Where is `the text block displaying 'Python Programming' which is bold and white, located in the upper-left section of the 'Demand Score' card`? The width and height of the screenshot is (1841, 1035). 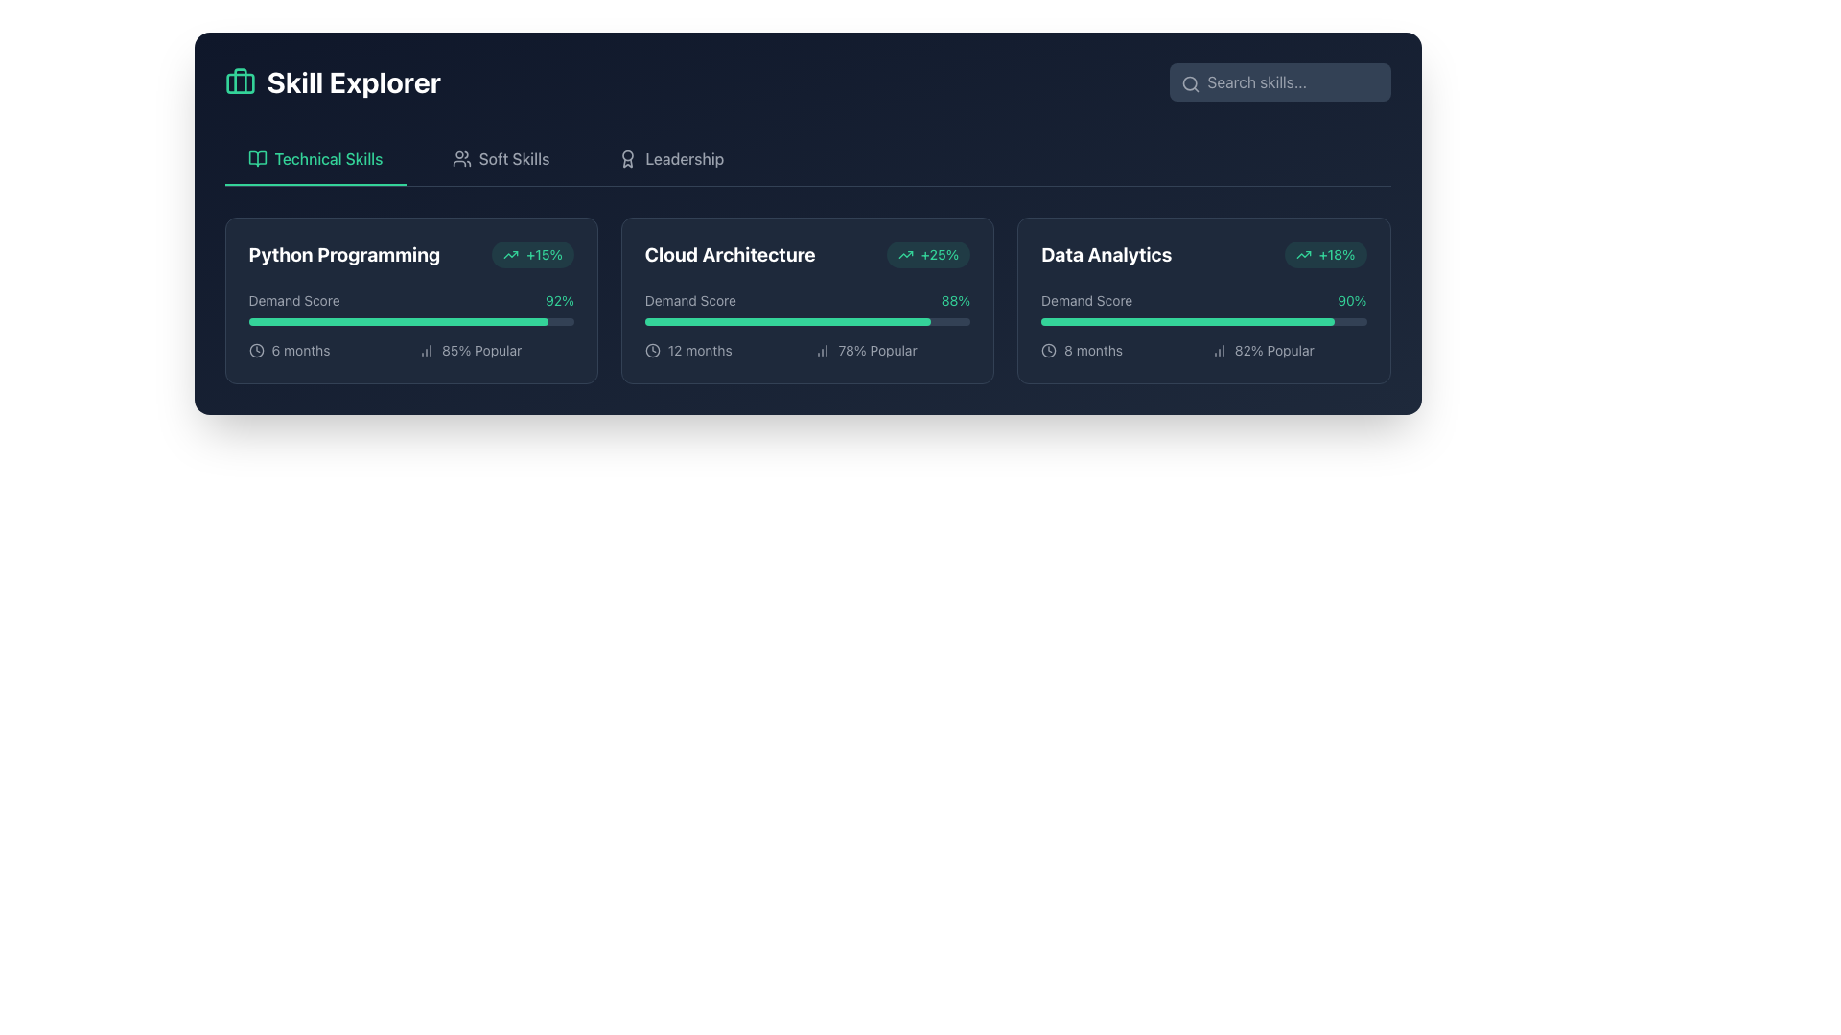 the text block displaying 'Python Programming' which is bold and white, located in the upper-left section of the 'Demand Score' card is located at coordinates (344, 254).